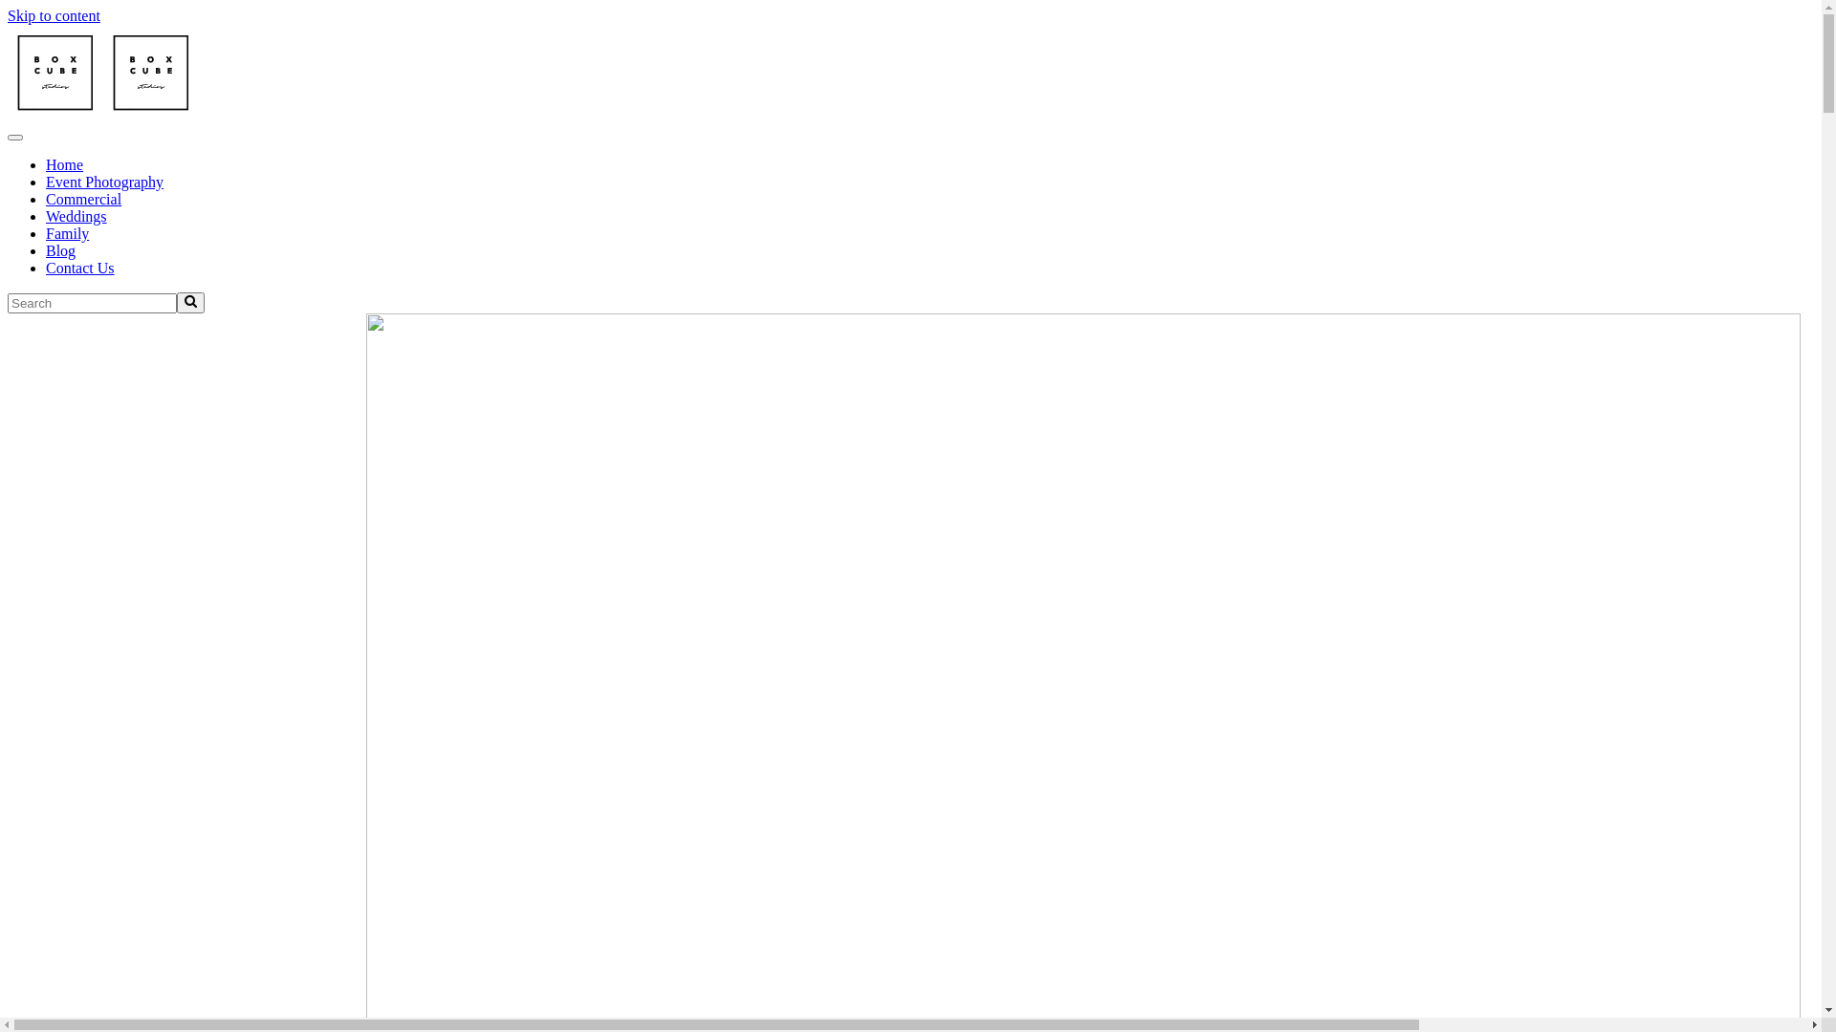 Image resolution: width=1836 pixels, height=1032 pixels. I want to click on 'Commercial', so click(82, 199).